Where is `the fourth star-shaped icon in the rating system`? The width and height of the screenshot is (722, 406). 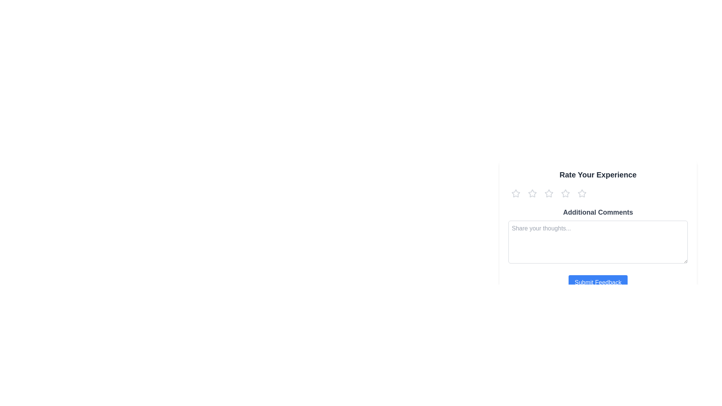
the fourth star-shaped icon in the rating system is located at coordinates (582, 193).